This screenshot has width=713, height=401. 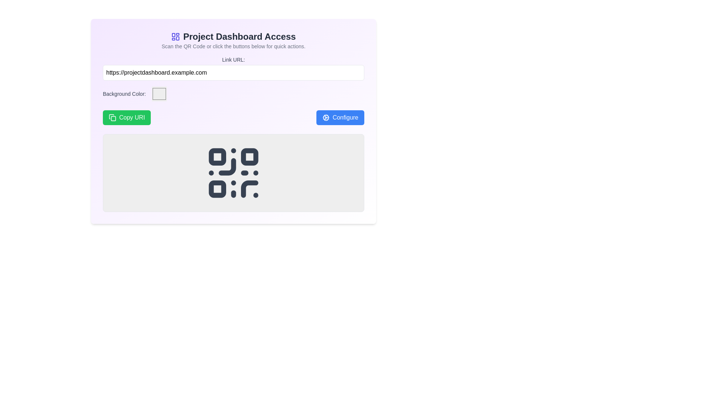 What do you see at coordinates (340, 117) in the screenshot?
I see `the second button in the row, located to the right of the 'Copy URI' button` at bounding box center [340, 117].